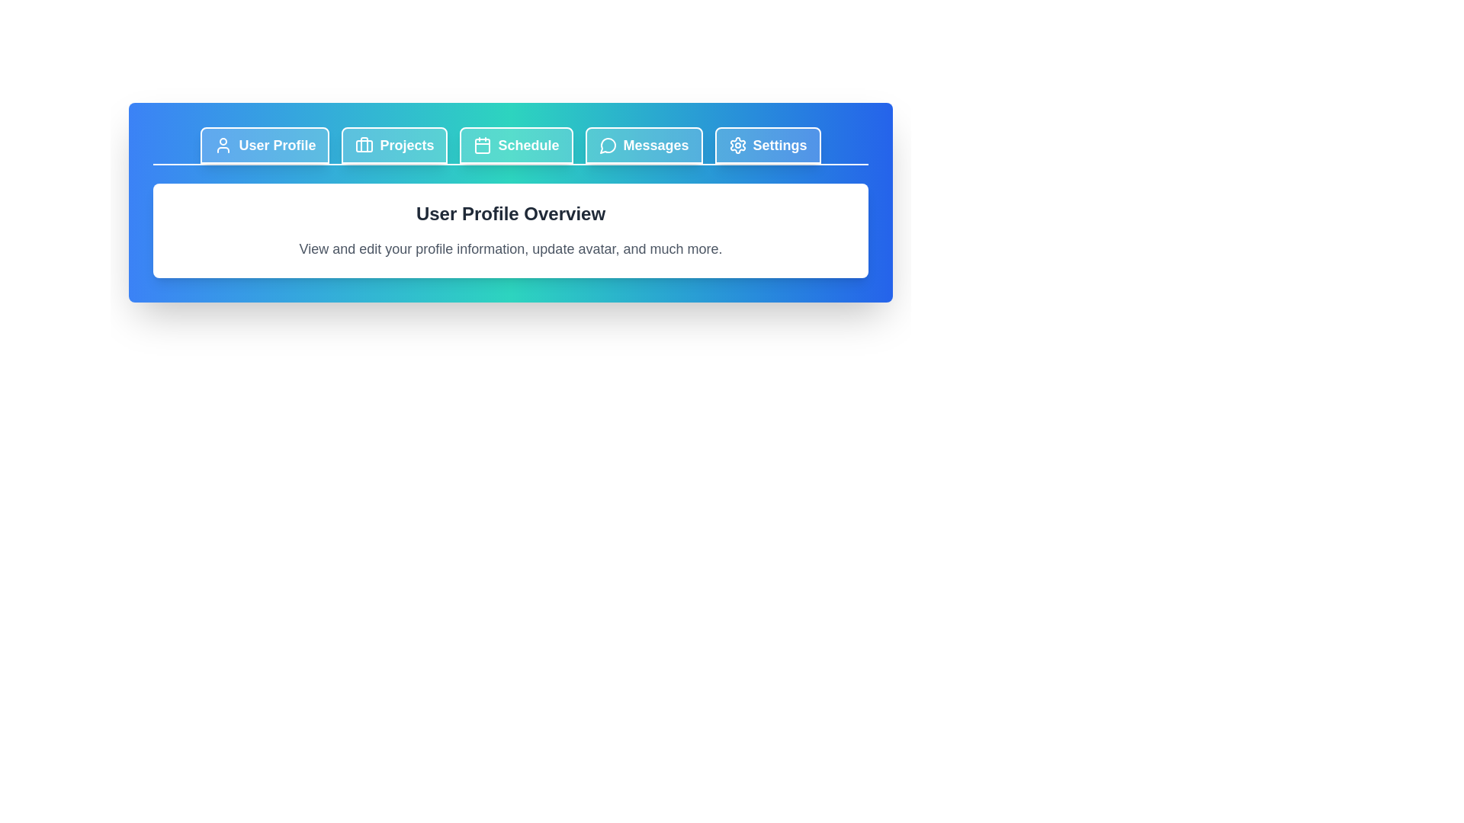 This screenshot has width=1464, height=823. Describe the element at coordinates (737, 146) in the screenshot. I see `the 'Settings' icon located in the navigation bar` at that location.